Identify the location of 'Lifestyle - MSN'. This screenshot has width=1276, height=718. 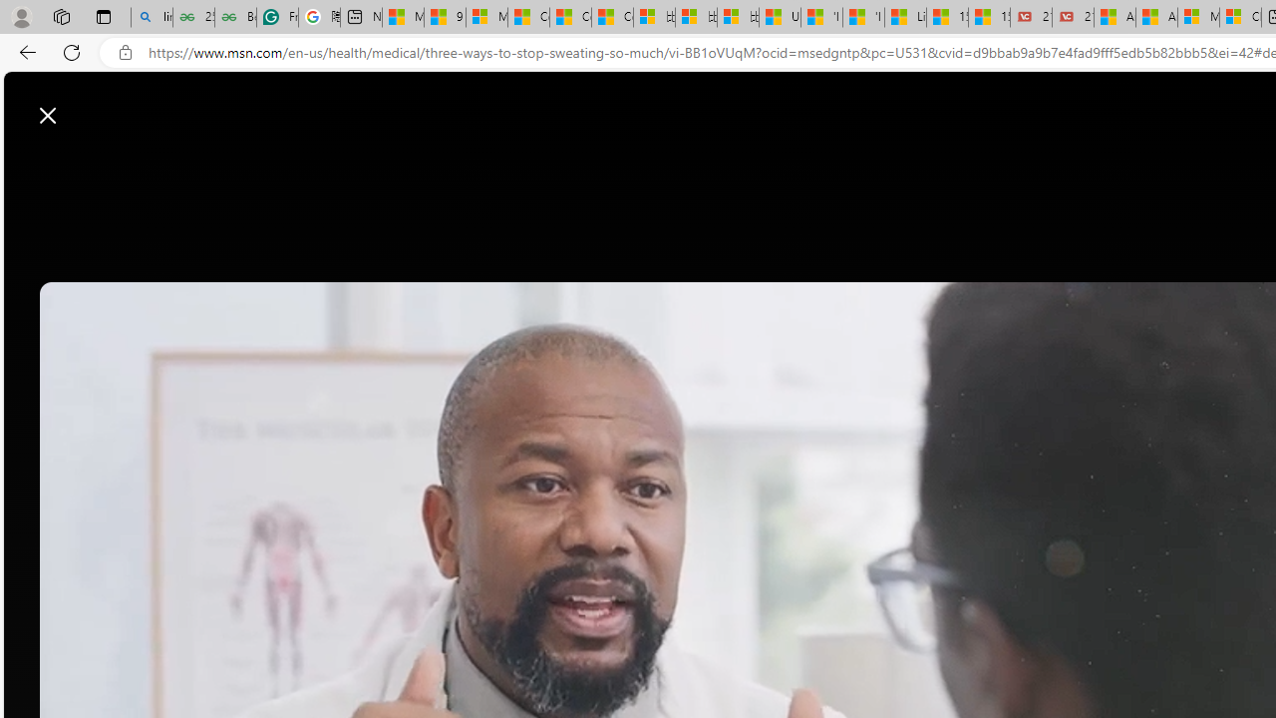
(904, 17).